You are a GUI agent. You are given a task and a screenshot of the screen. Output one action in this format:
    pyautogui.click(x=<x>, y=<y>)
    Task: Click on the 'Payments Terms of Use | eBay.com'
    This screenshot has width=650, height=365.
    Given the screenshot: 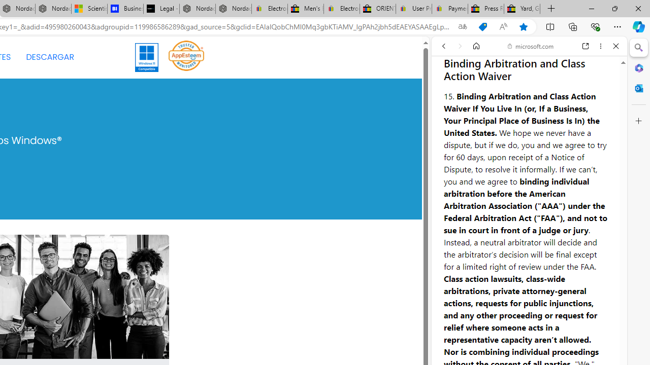 What is the action you would take?
    pyautogui.click(x=449, y=9)
    